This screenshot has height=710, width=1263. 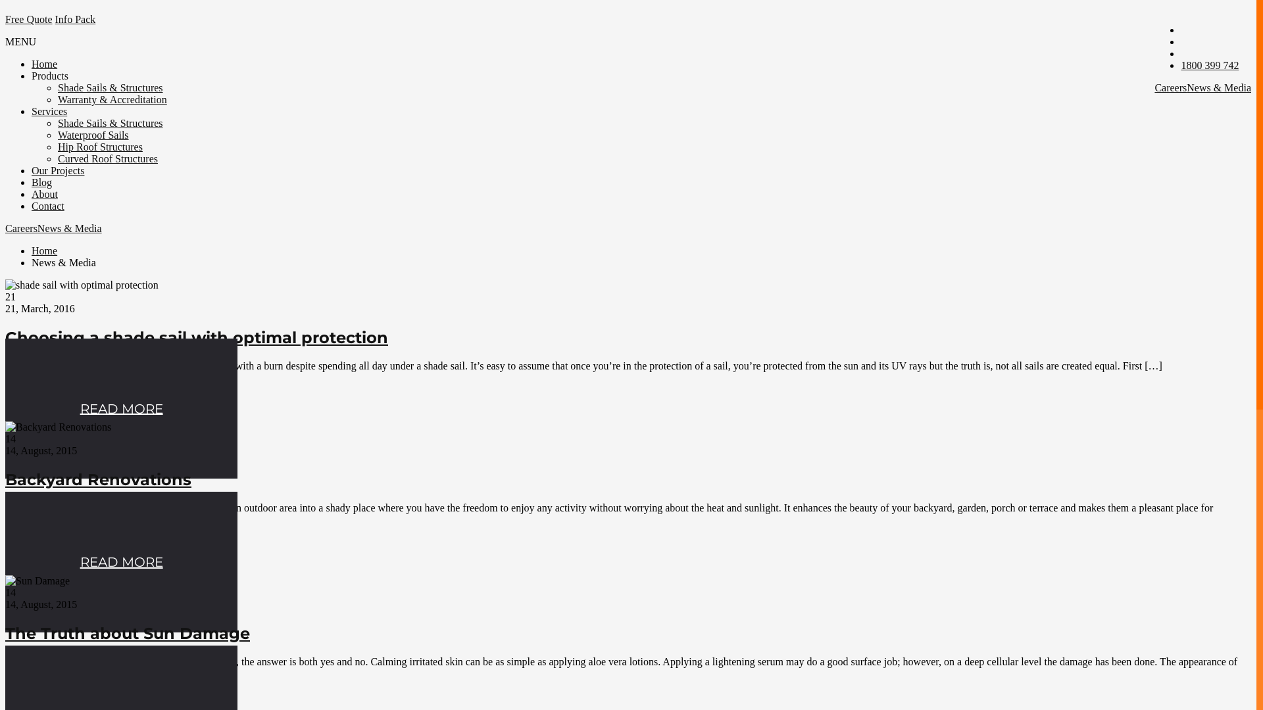 I want to click on 'Free Quote', so click(x=28, y=19).